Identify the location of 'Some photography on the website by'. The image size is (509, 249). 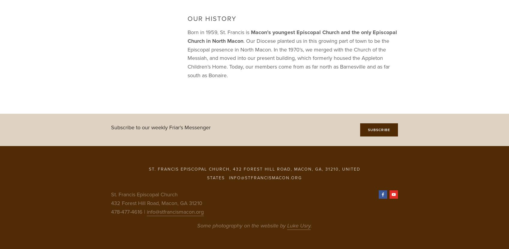
(242, 225).